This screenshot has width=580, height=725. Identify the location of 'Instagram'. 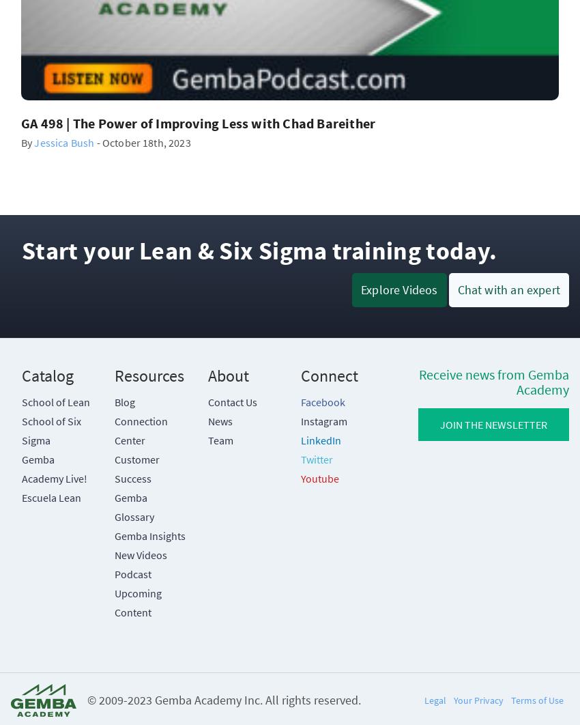
(323, 420).